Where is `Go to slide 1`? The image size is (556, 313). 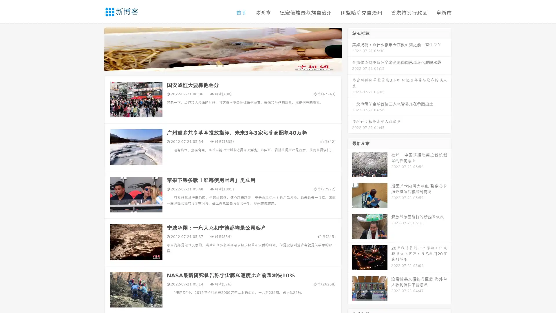 Go to slide 1 is located at coordinates (217, 65).